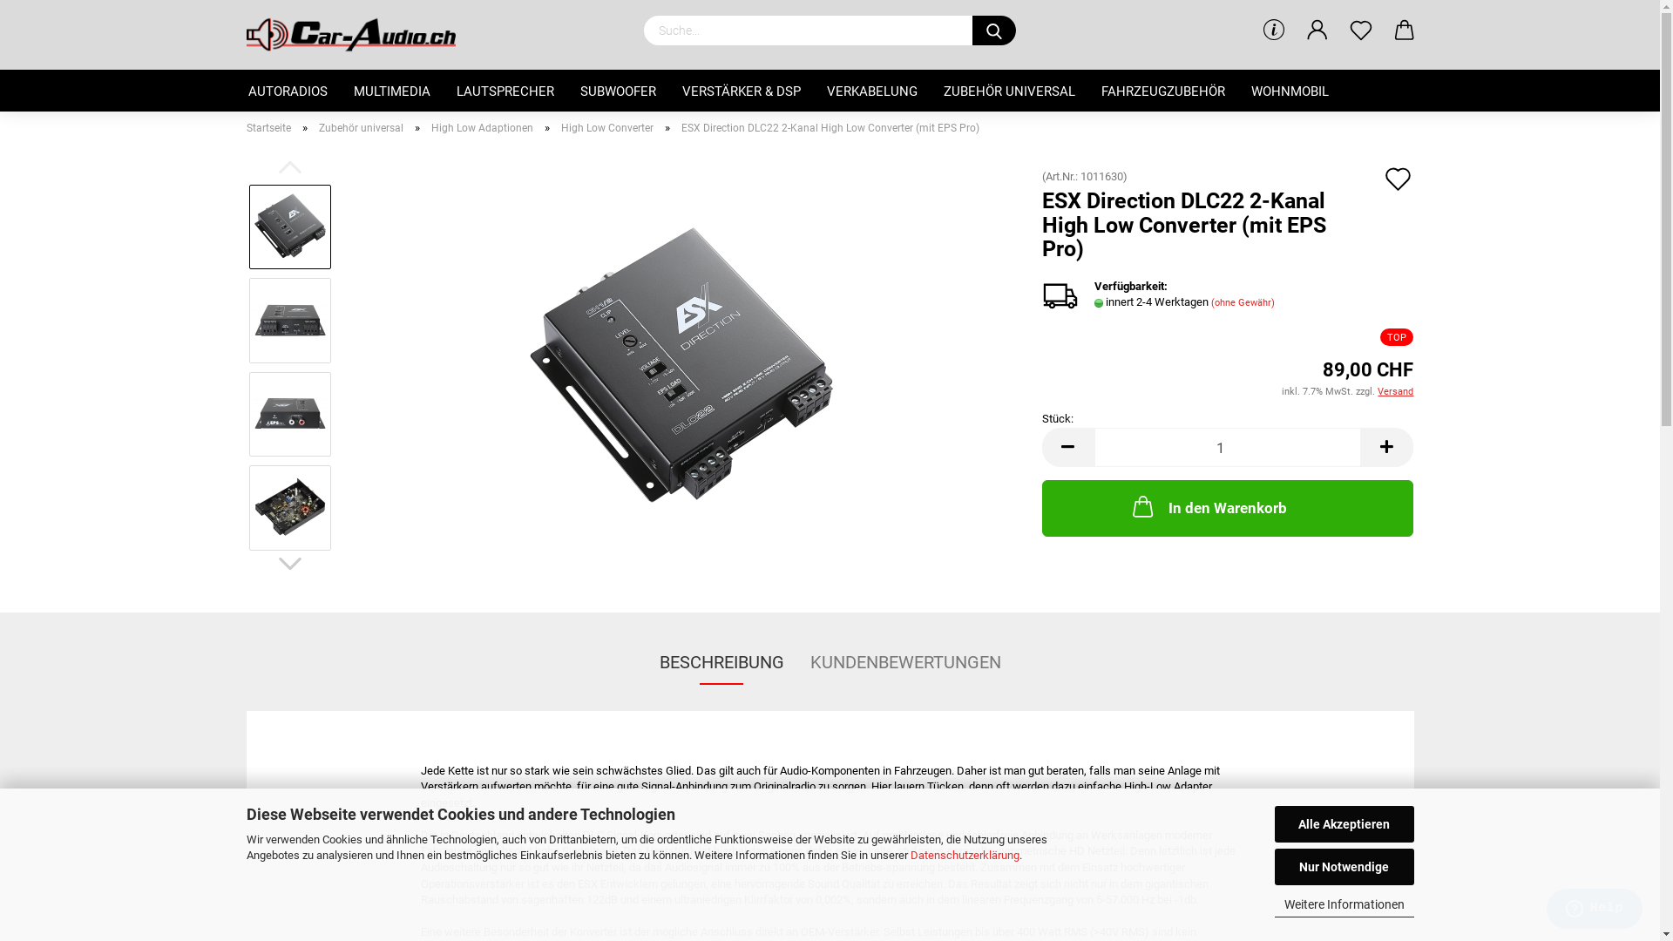 The width and height of the screenshot is (1673, 941). Describe the element at coordinates (872, 91) in the screenshot. I see `'VERKABELUNG'` at that location.